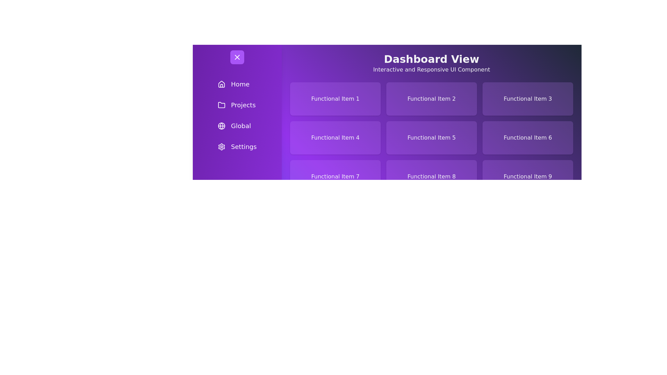 Image resolution: width=667 pixels, height=375 pixels. What do you see at coordinates (237, 84) in the screenshot?
I see `the menu item labeled 'Home' to observe its hover effect` at bounding box center [237, 84].